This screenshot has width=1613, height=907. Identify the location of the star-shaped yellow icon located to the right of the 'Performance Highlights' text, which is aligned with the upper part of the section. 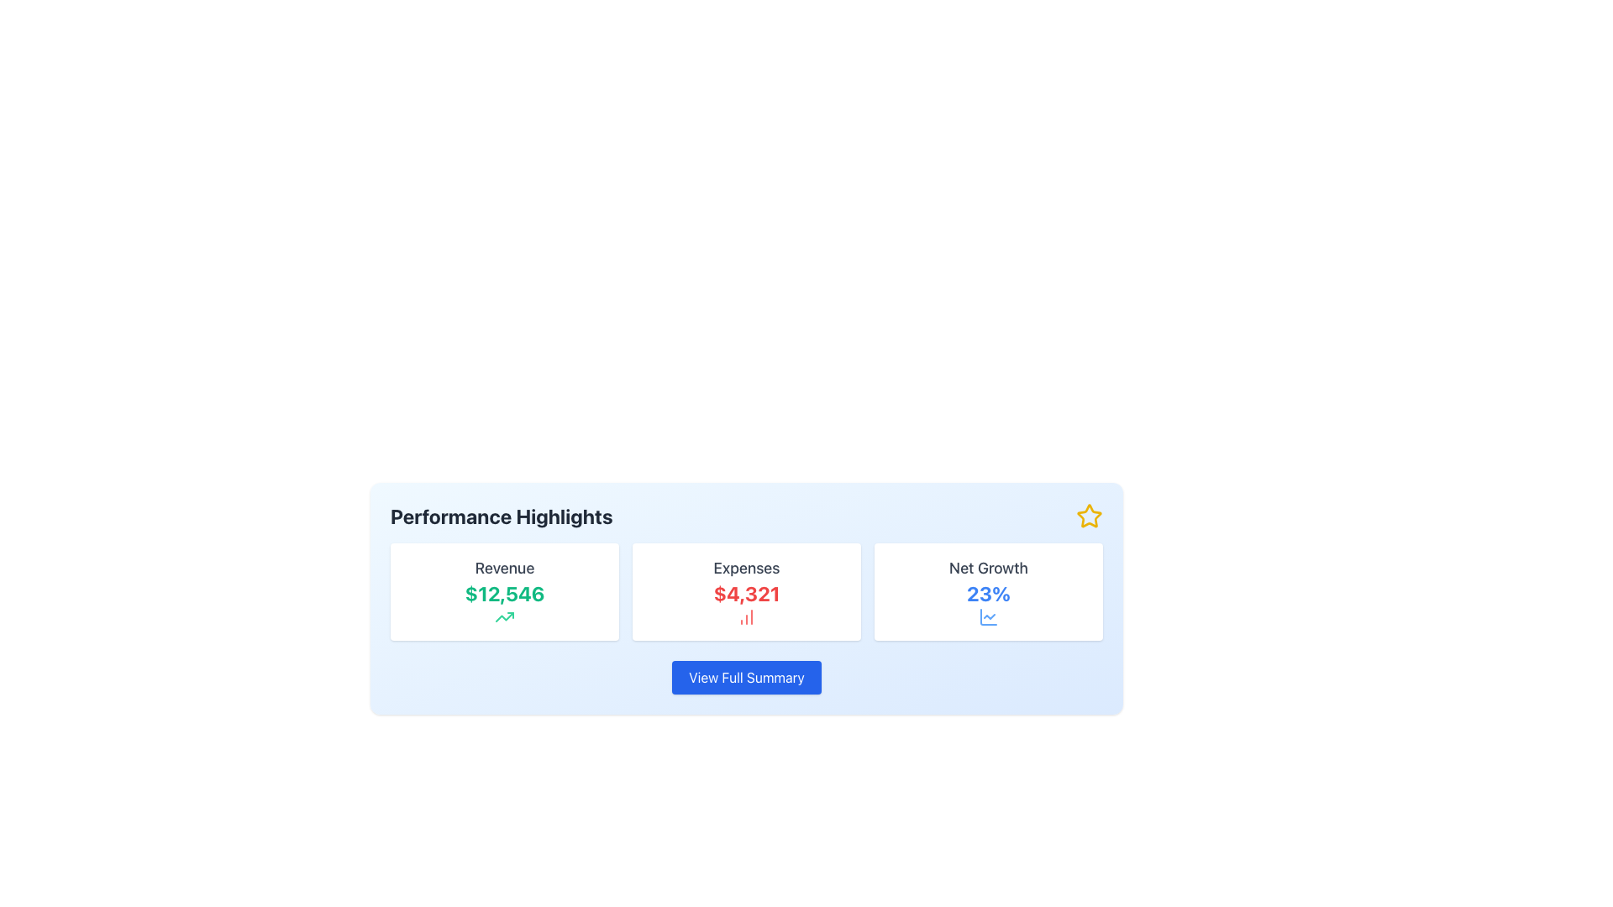
(1089, 515).